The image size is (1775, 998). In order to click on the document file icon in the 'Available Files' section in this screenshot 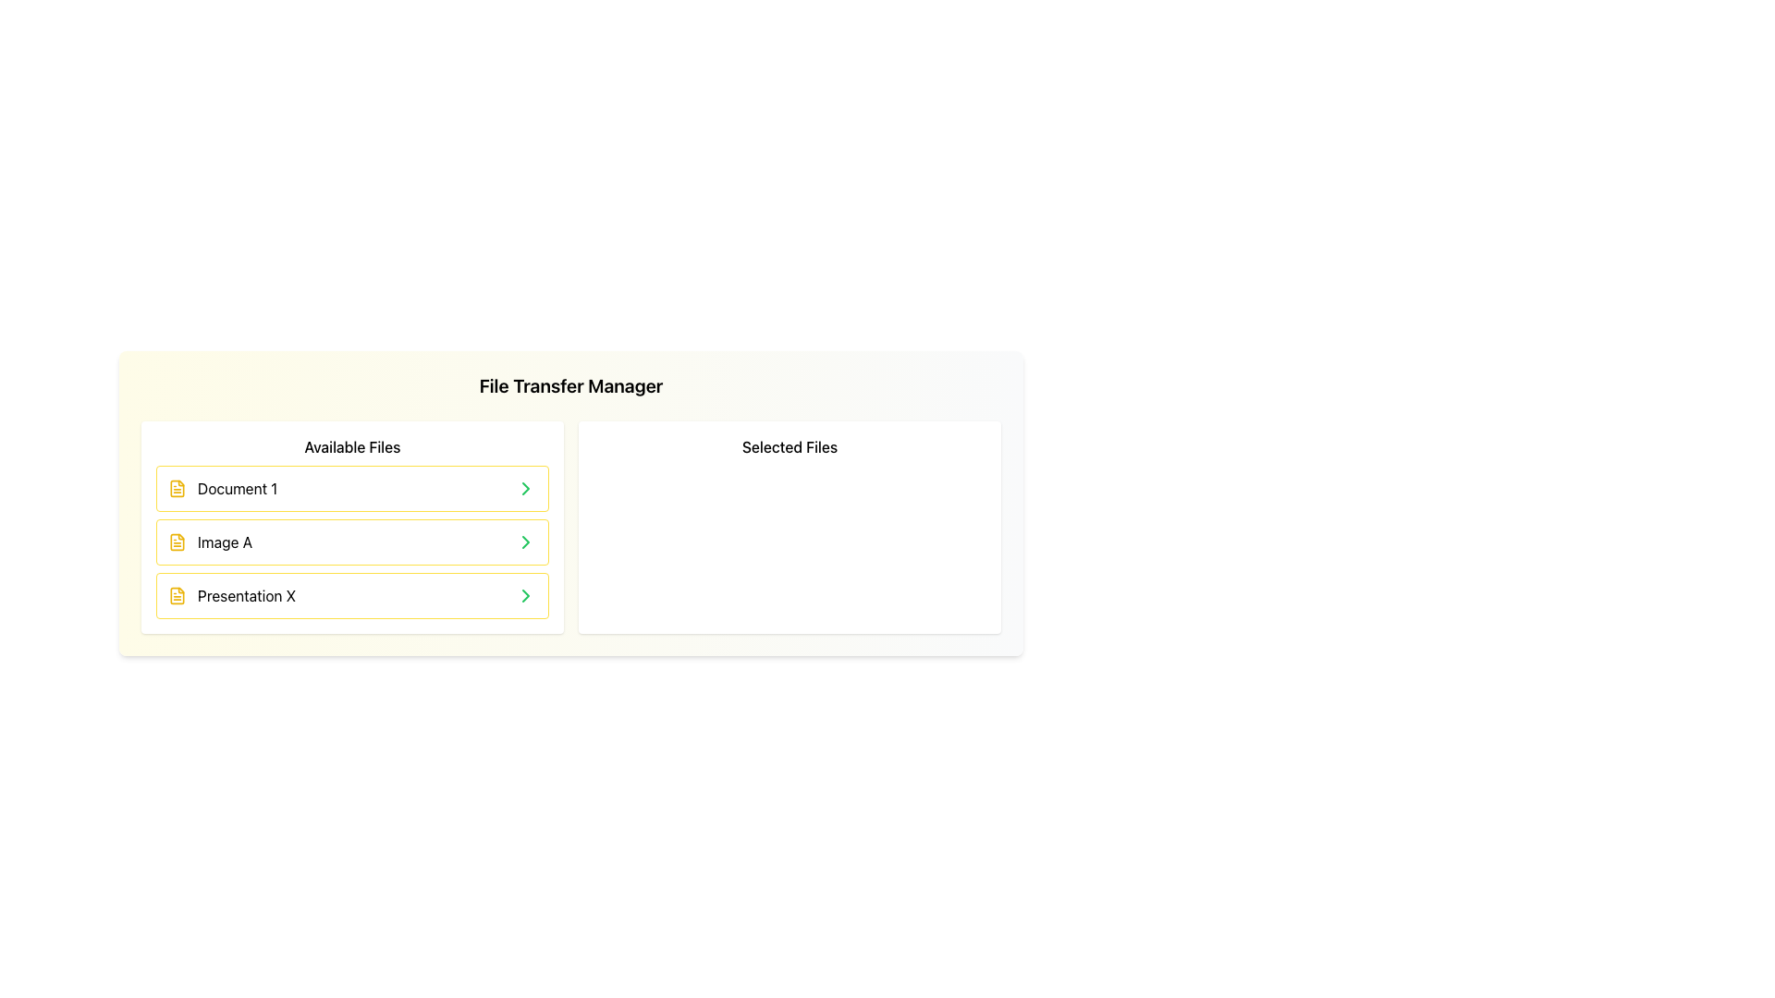, I will do `click(177, 595)`.